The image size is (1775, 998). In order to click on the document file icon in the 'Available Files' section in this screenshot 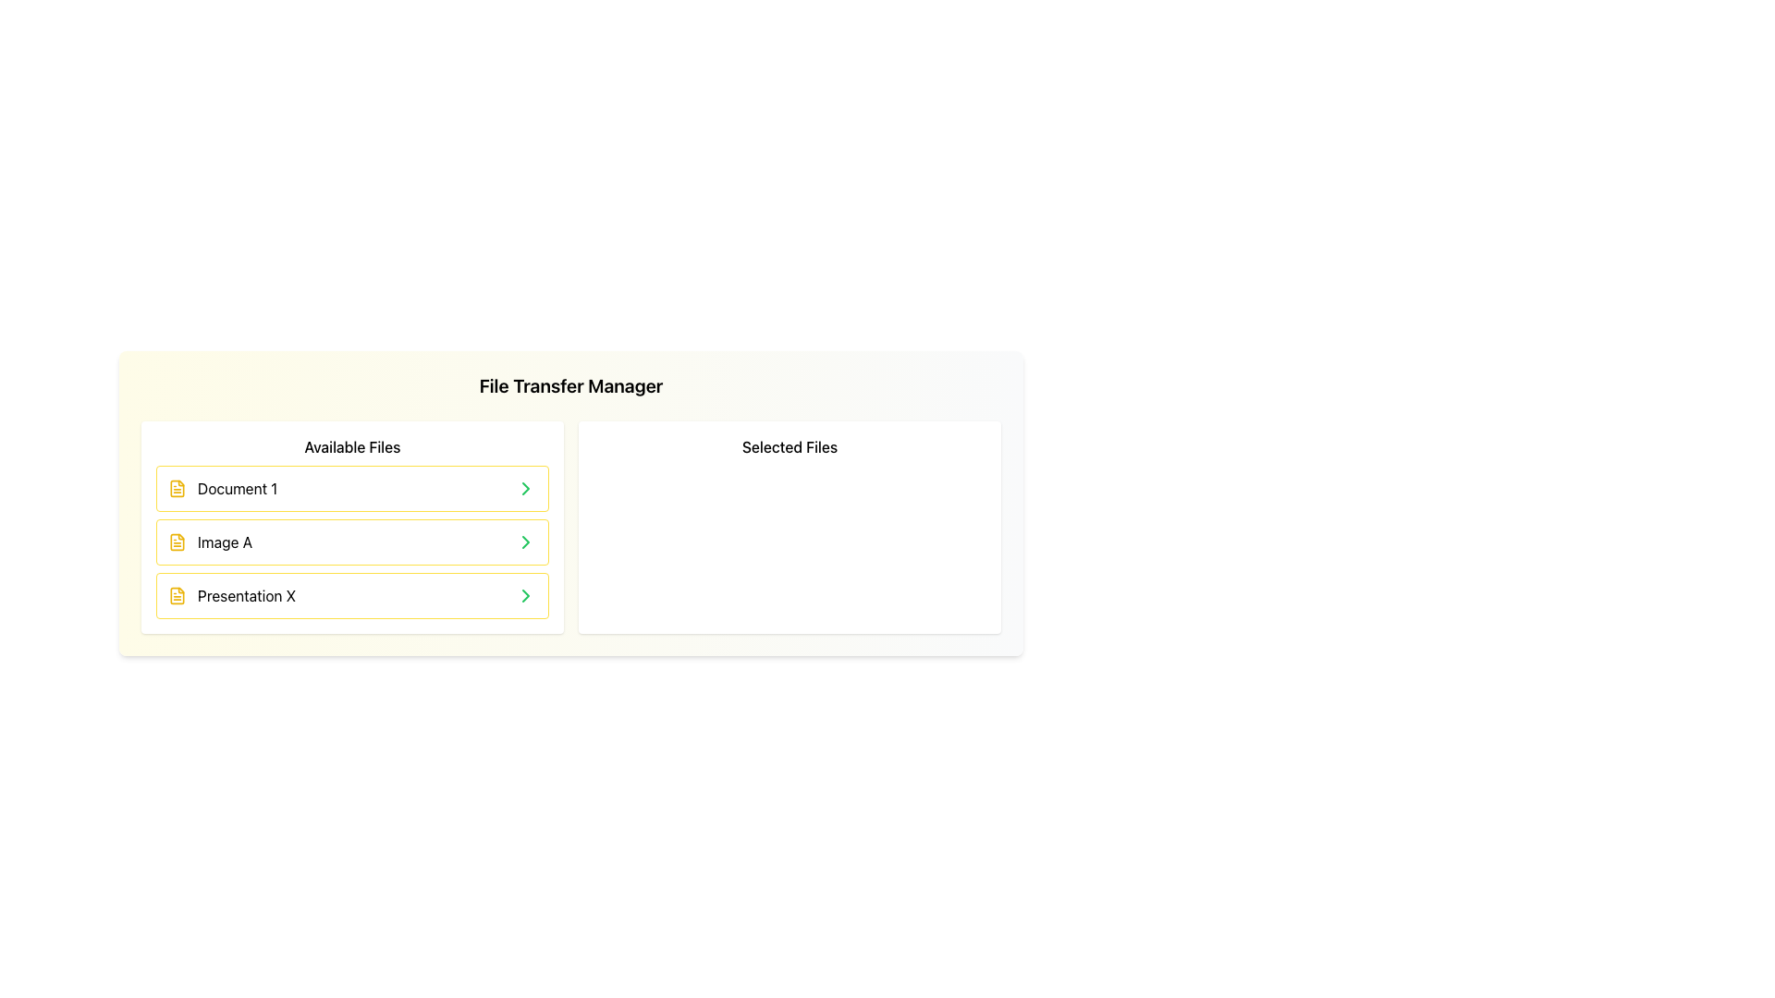, I will do `click(177, 595)`.